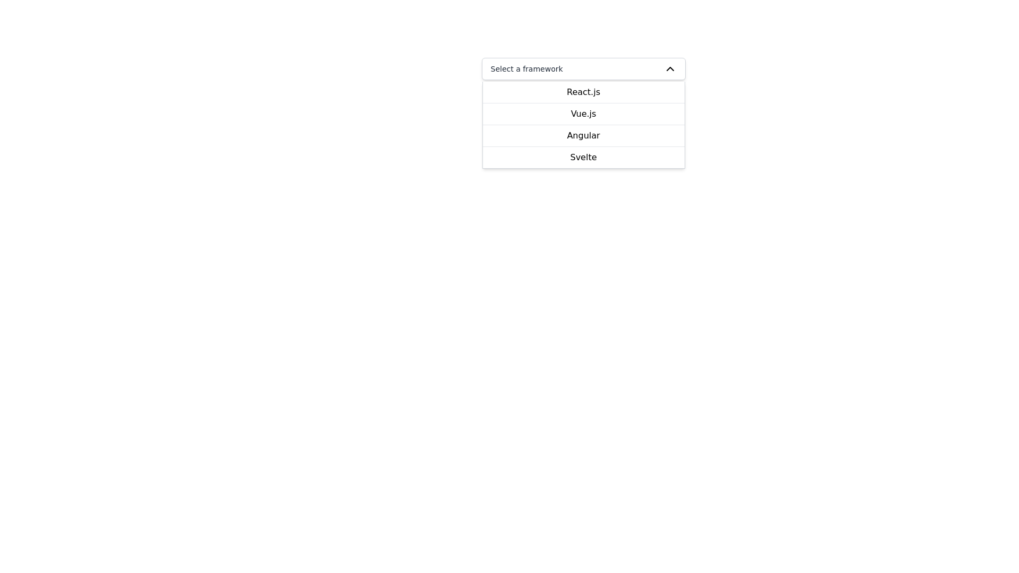  What do you see at coordinates (583, 157) in the screenshot?
I see `the 'Svelte' option within the dropdown menu under the heading 'Select a framework'` at bounding box center [583, 157].